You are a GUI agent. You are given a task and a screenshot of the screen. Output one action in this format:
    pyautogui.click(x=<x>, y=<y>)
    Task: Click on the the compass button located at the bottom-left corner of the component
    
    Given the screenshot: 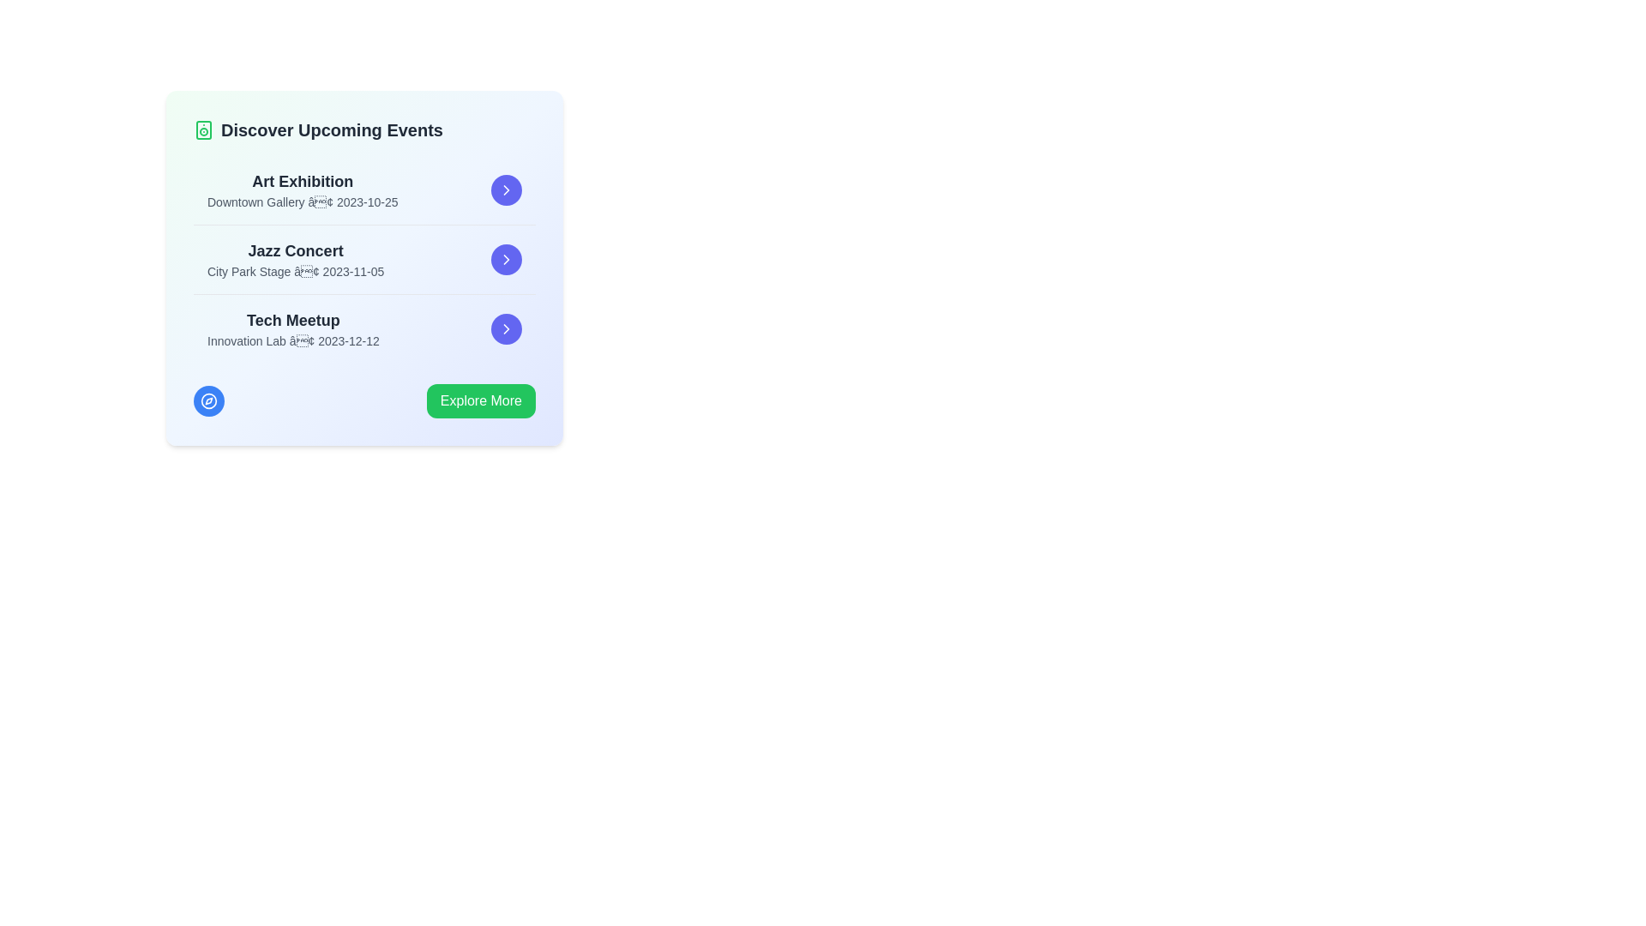 What is the action you would take?
    pyautogui.click(x=208, y=400)
    